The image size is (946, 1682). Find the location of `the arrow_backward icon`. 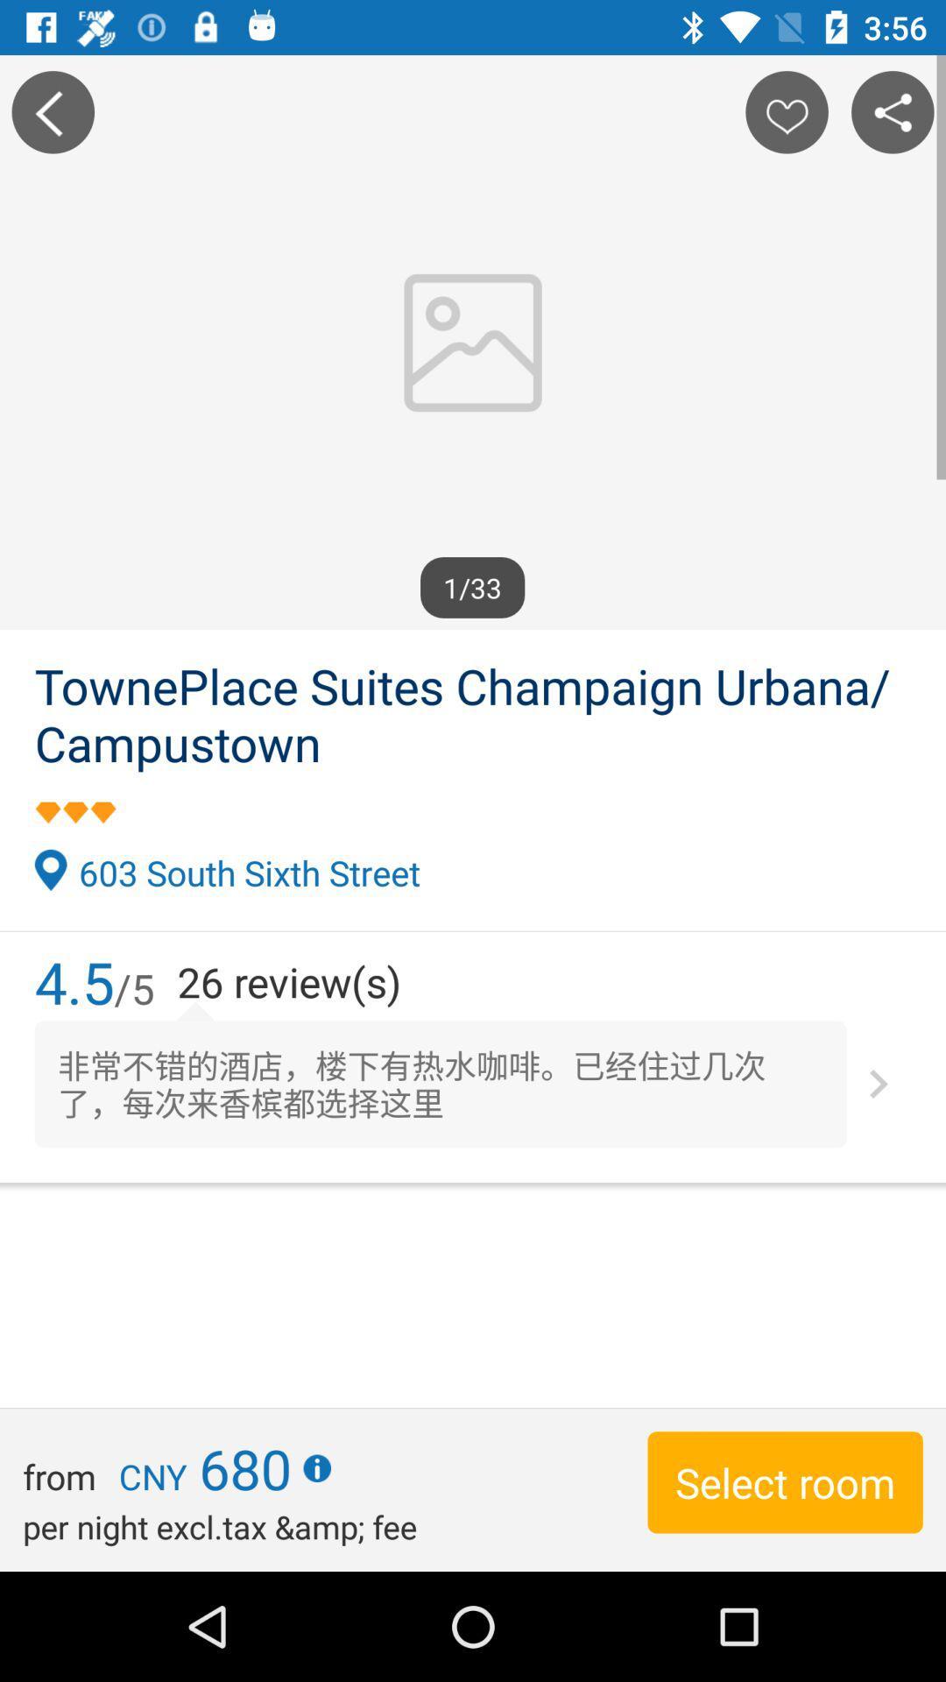

the arrow_backward icon is located at coordinates (52, 111).